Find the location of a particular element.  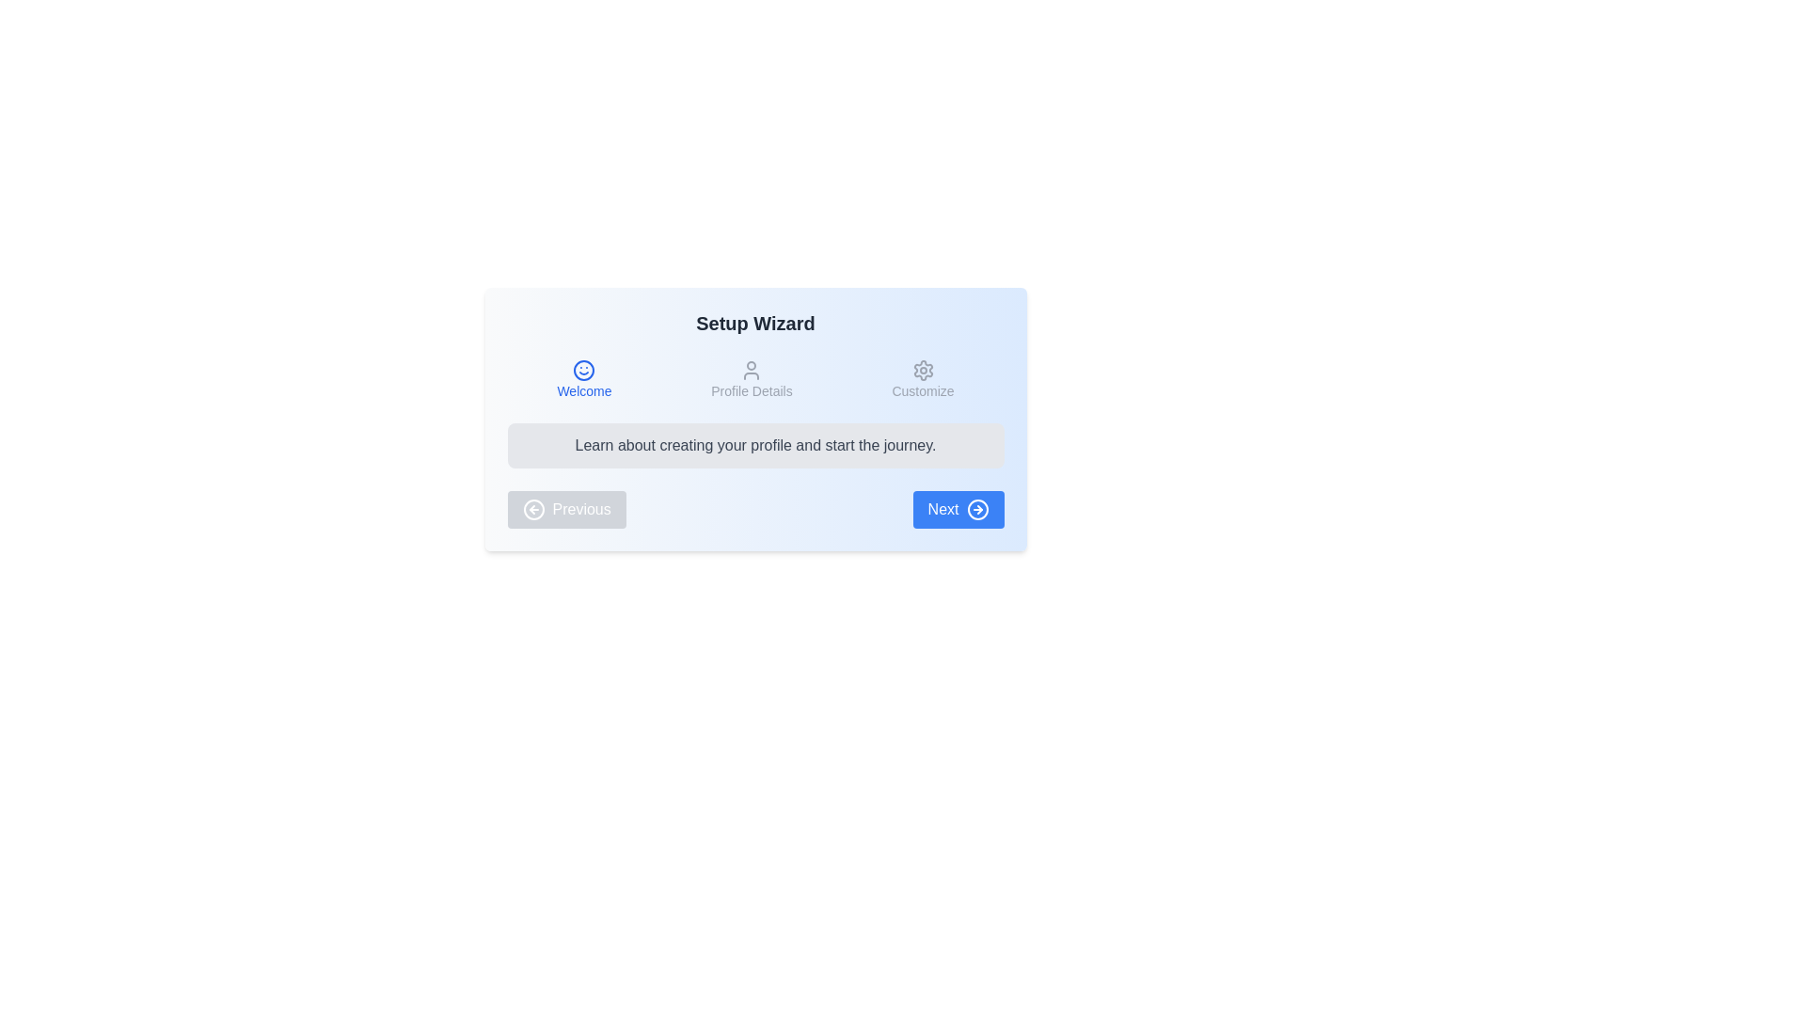

the 'Customize' button, which features a gear icon and is styled in gray is located at coordinates (923, 380).